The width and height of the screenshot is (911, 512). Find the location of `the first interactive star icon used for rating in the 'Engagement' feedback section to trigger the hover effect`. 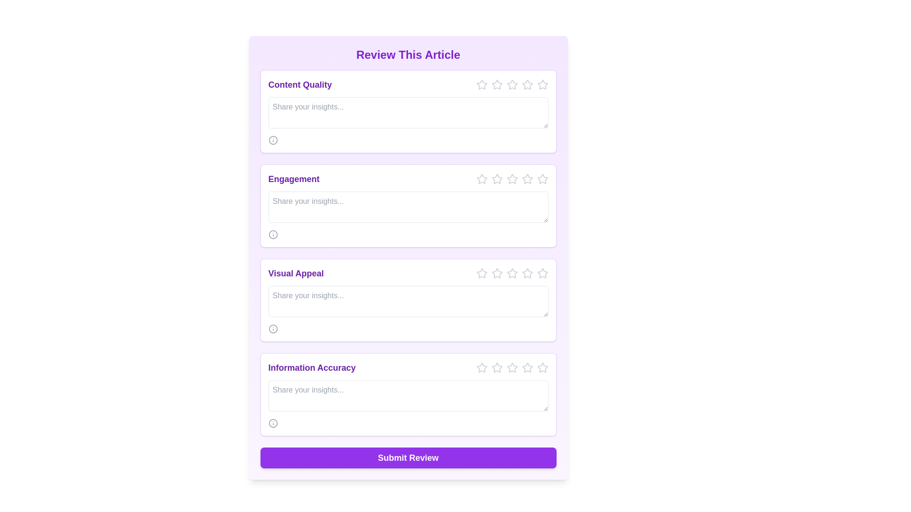

the first interactive star icon used for rating in the 'Engagement' feedback section to trigger the hover effect is located at coordinates (482, 179).